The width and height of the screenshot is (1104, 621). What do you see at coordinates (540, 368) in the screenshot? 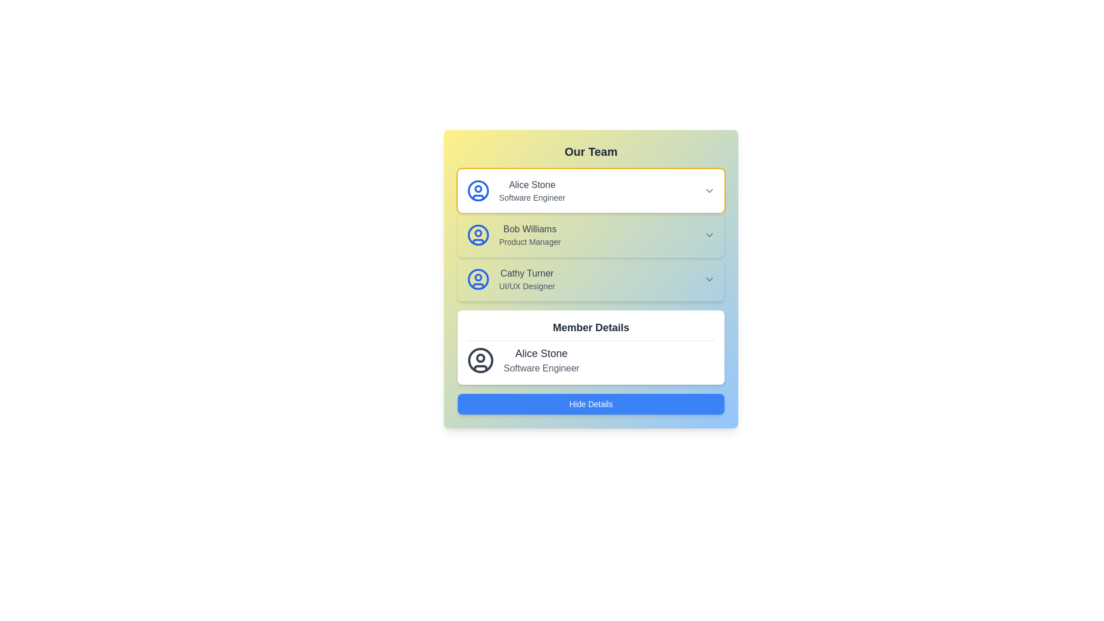
I see `the static text displaying 'Software Engineer' in gray font, located beneath 'Alice Stone' in the 'Member Details' section of the white card` at bounding box center [540, 368].